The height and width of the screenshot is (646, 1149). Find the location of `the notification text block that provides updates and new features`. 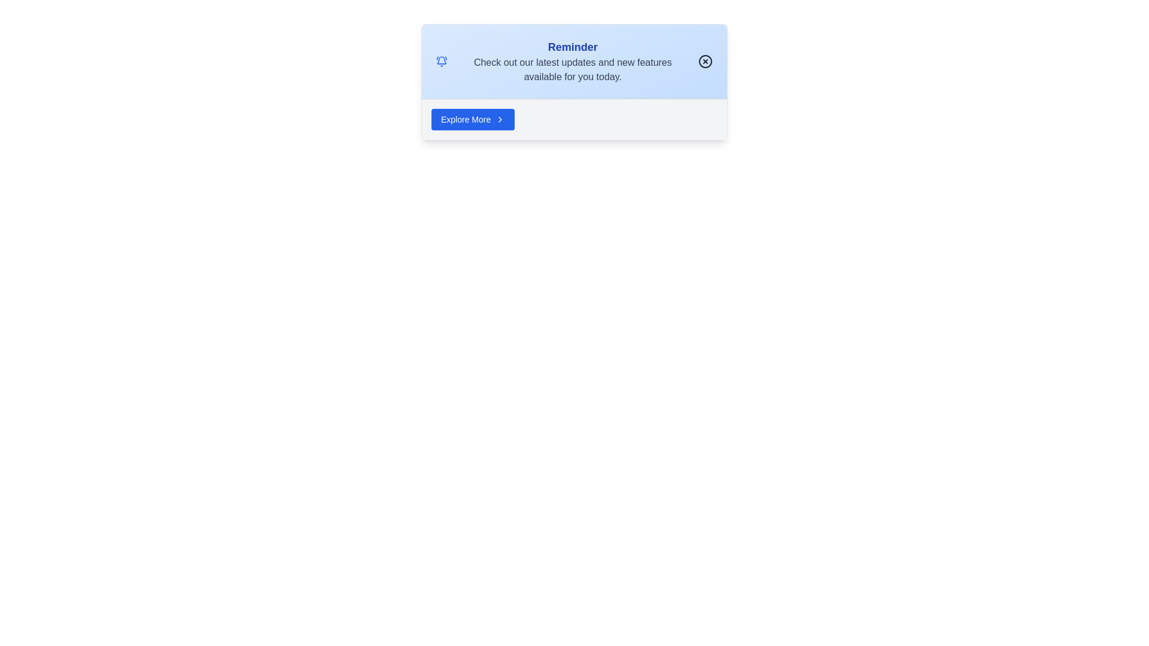

the notification text block that provides updates and new features is located at coordinates (572, 62).